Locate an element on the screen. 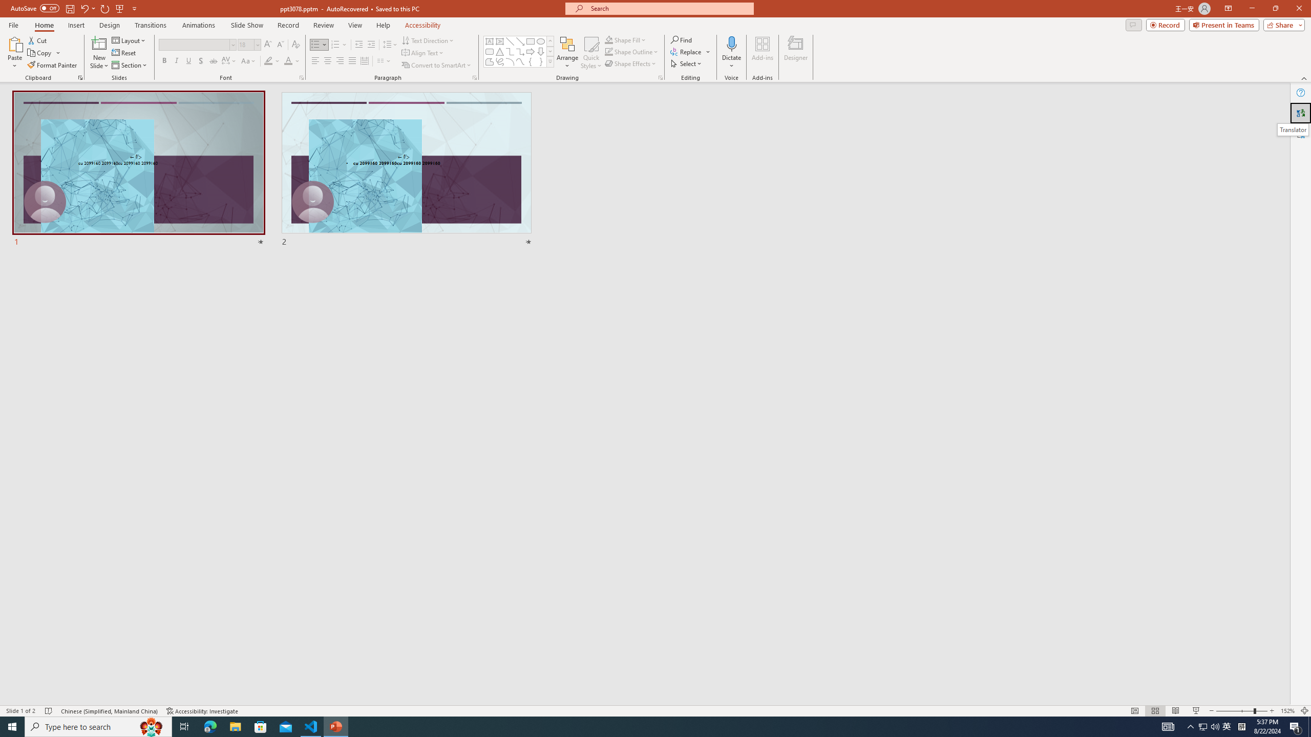 The image size is (1311, 737). 'Shadow' is located at coordinates (200, 60).